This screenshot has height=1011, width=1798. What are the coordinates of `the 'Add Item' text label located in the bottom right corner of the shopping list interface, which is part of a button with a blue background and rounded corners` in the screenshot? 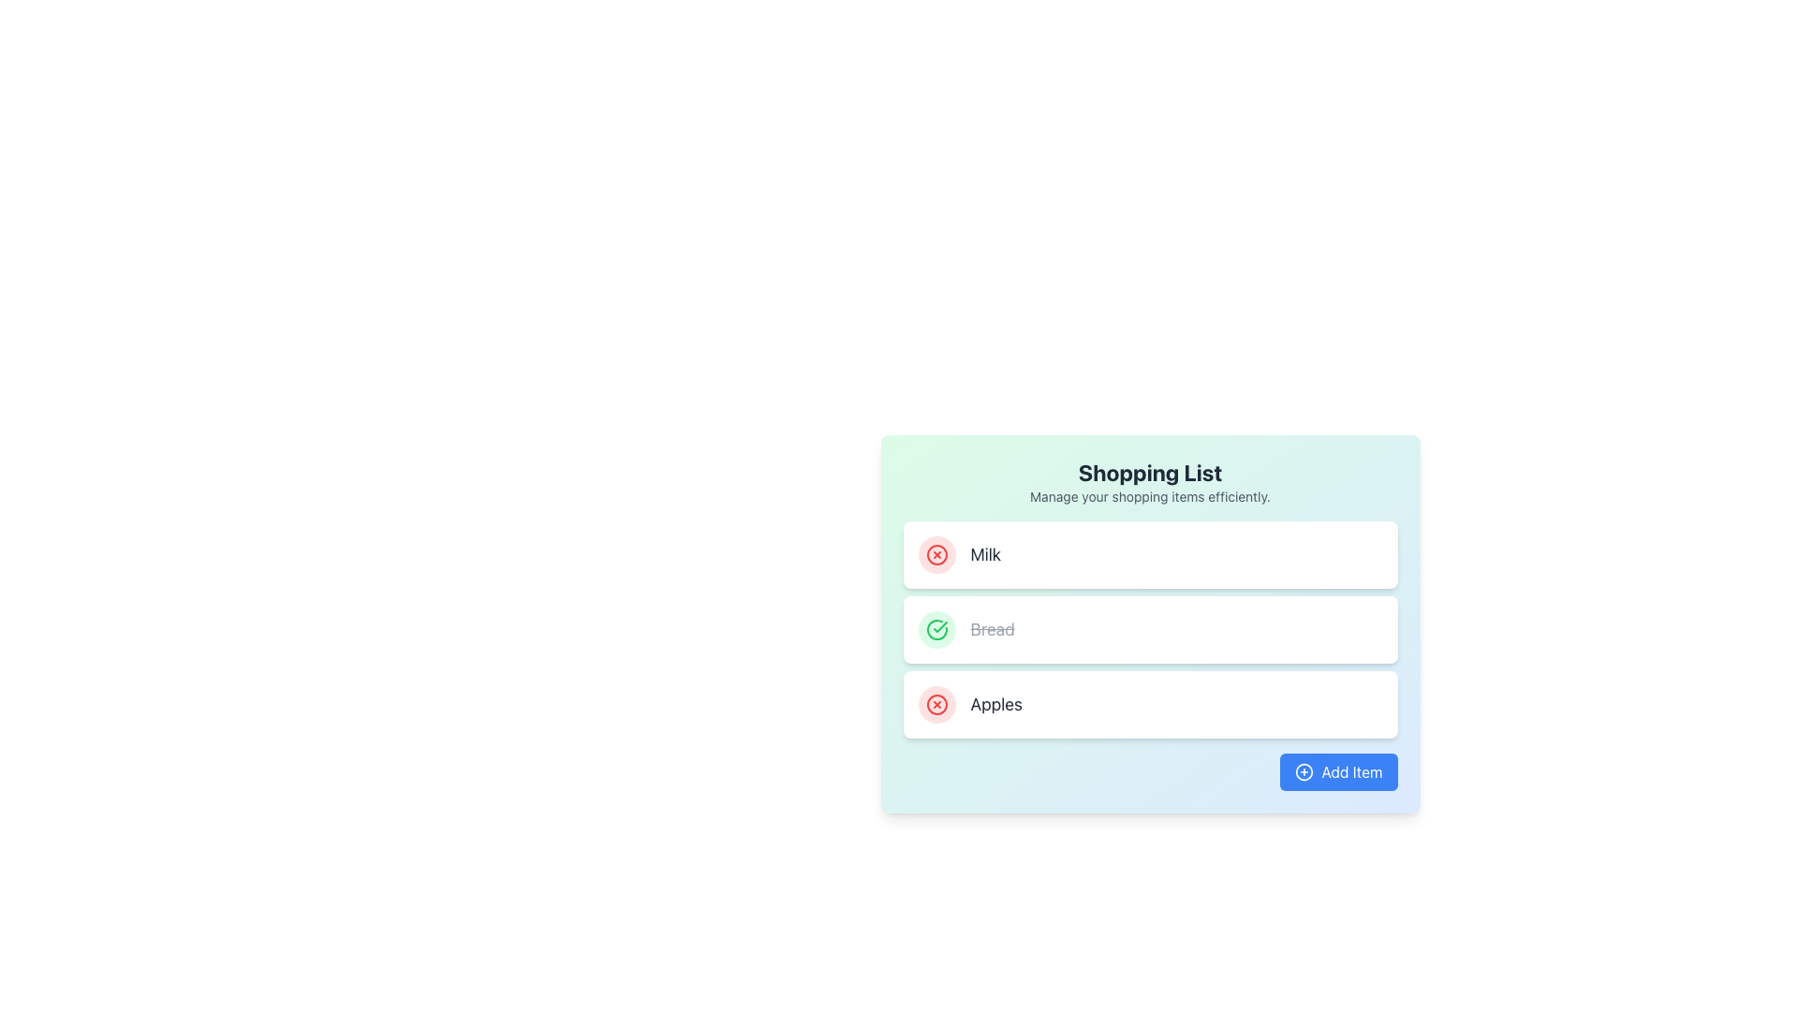 It's located at (1352, 772).